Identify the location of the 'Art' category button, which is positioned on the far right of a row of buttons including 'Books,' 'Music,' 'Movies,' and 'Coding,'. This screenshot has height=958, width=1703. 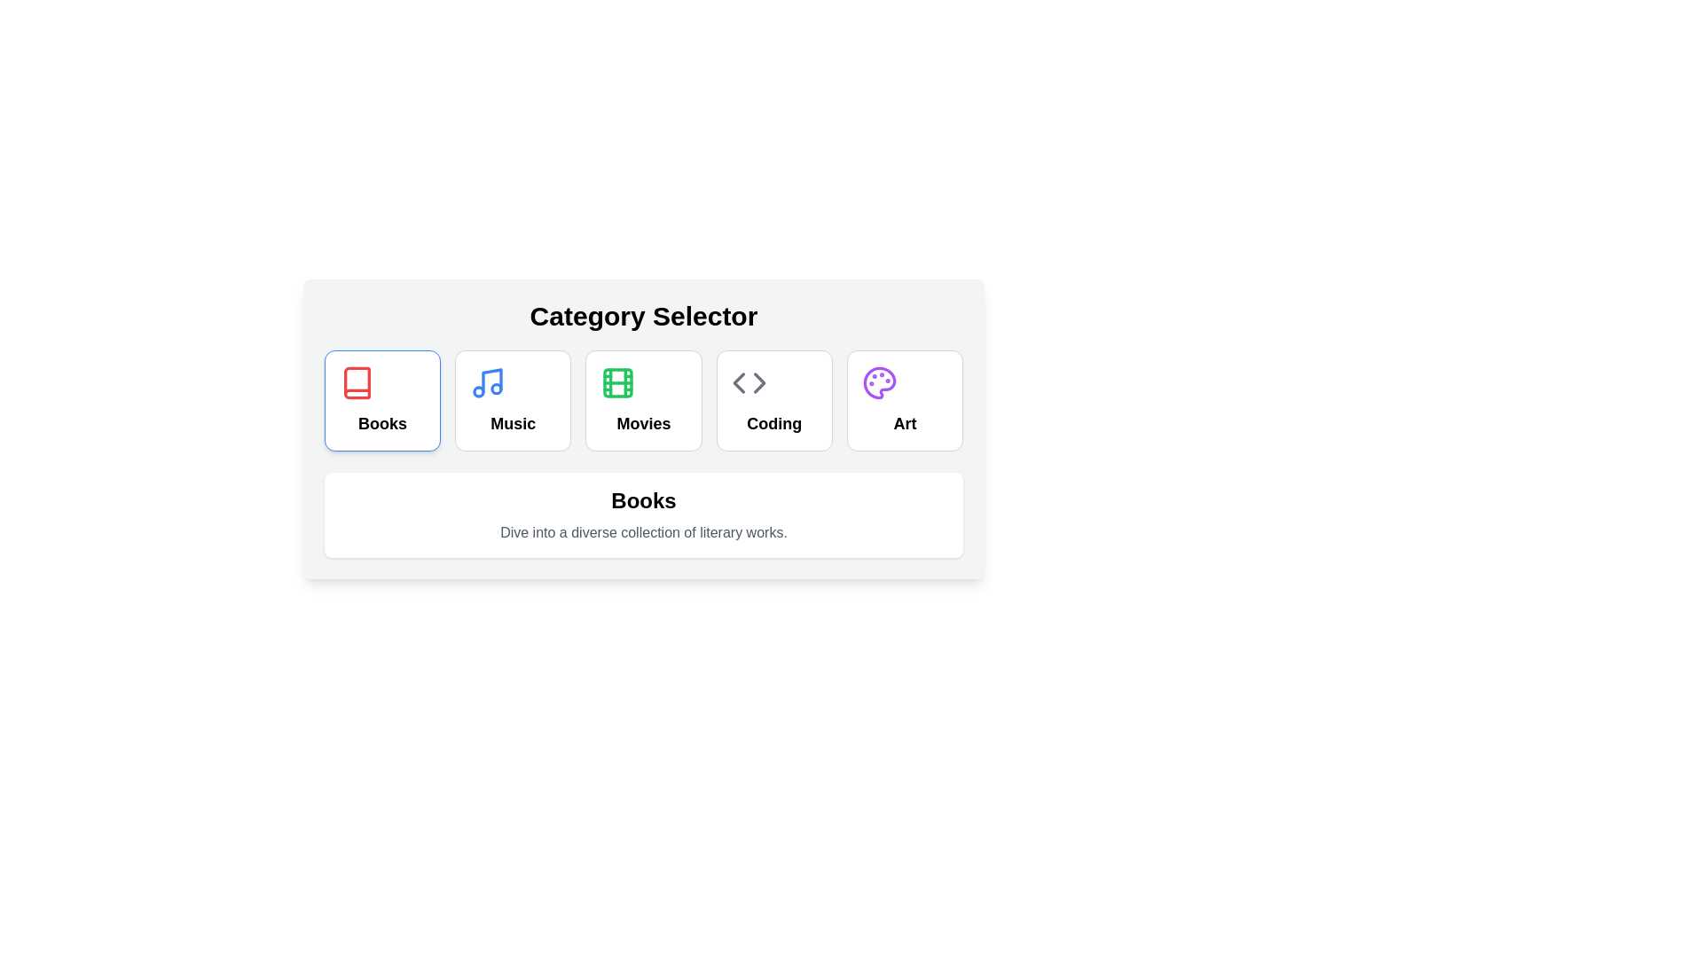
(905, 400).